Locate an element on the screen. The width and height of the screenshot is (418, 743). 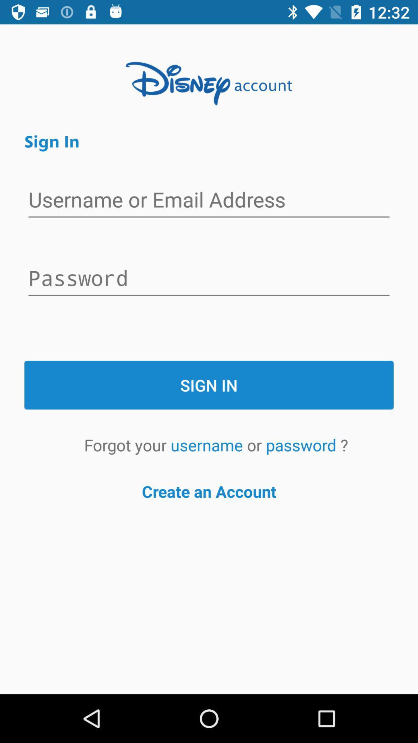
item to the right of forgot your  icon is located at coordinates (208, 445).